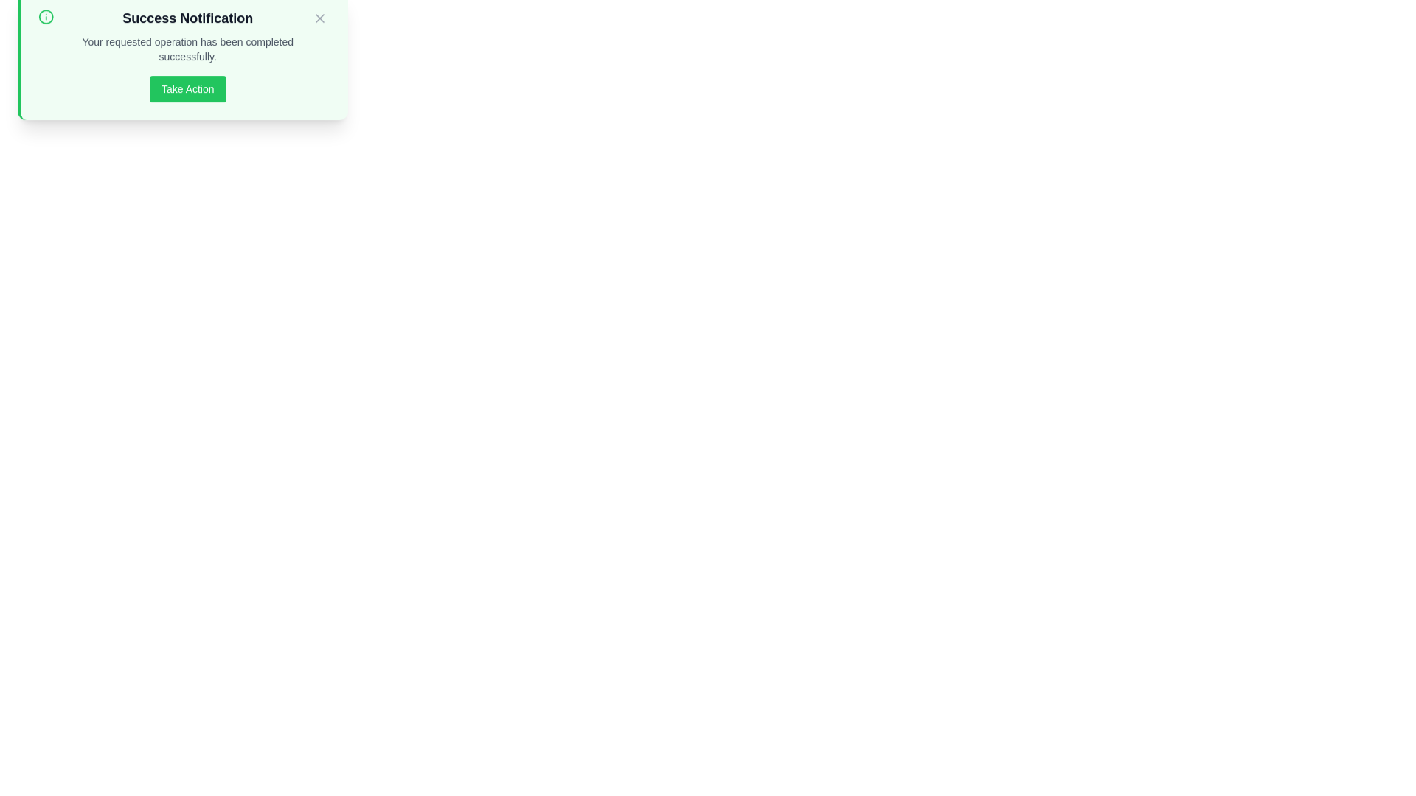 The height and width of the screenshot is (796, 1416). Describe the element at coordinates (187, 103) in the screenshot. I see `'Take Action' button to trigger the alert message` at that location.